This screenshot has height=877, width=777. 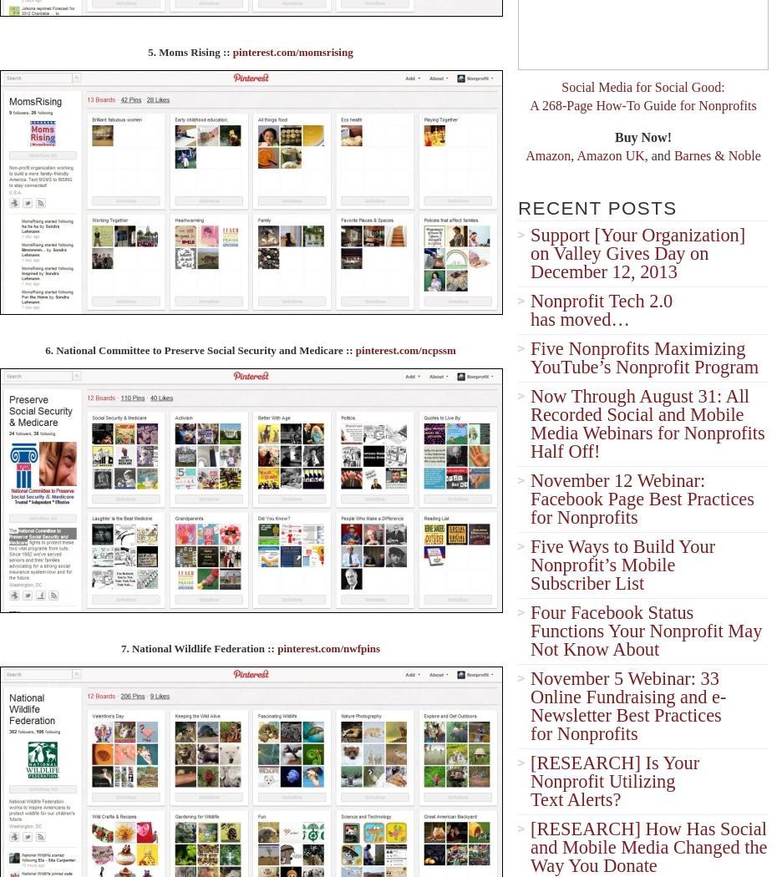 What do you see at coordinates (200, 348) in the screenshot?
I see `'6. National Committee to Preserve Social Security and Medicare ::'` at bounding box center [200, 348].